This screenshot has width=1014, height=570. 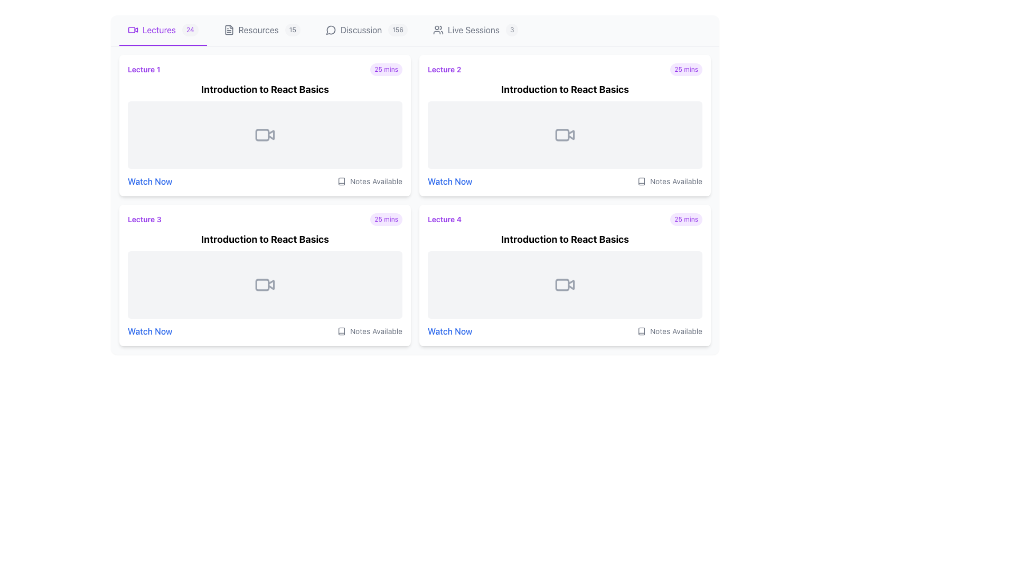 I want to click on the 'Resources' icon in the navigation bar, which visually represents the 'Resources' section and is located next to the text 'Resources' with a badge showing '15', so click(x=228, y=30).